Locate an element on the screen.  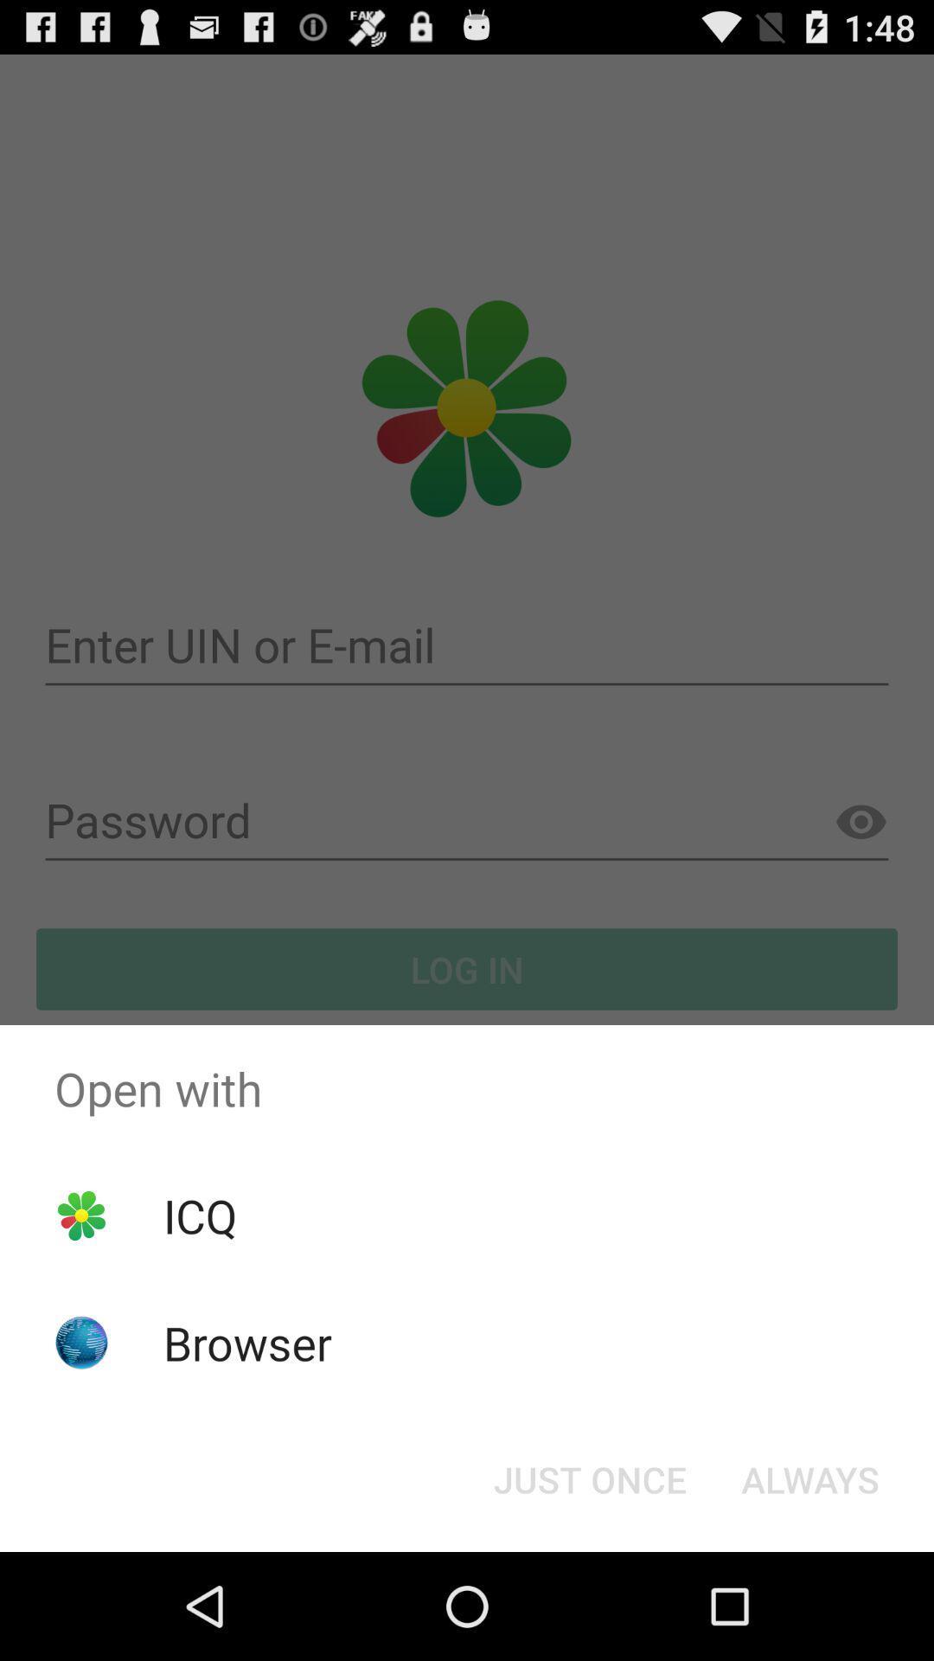
the app above browser is located at coordinates (199, 1215).